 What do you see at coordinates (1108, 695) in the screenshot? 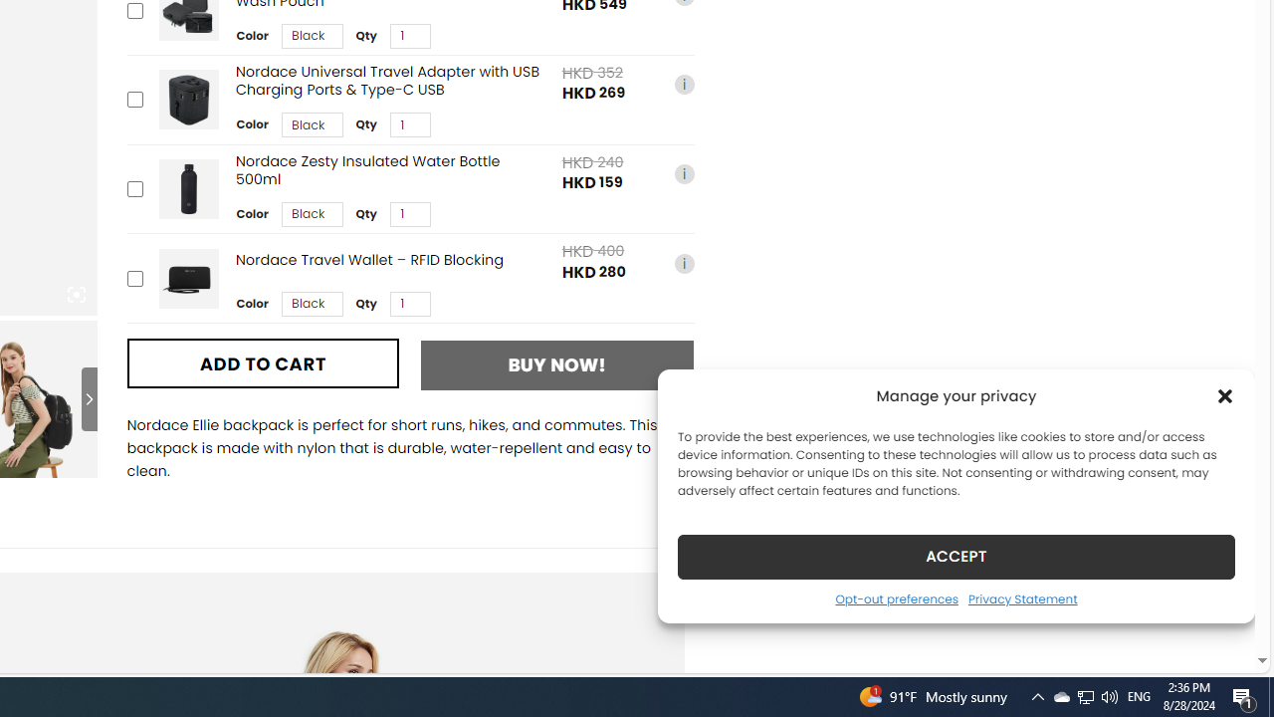
I see `'Q2790: 100%'` at bounding box center [1108, 695].